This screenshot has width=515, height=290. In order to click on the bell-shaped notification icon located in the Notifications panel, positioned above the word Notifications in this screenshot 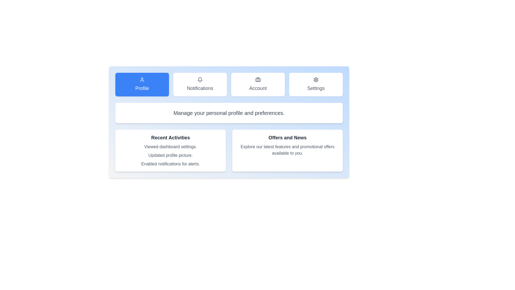, I will do `click(200, 80)`.